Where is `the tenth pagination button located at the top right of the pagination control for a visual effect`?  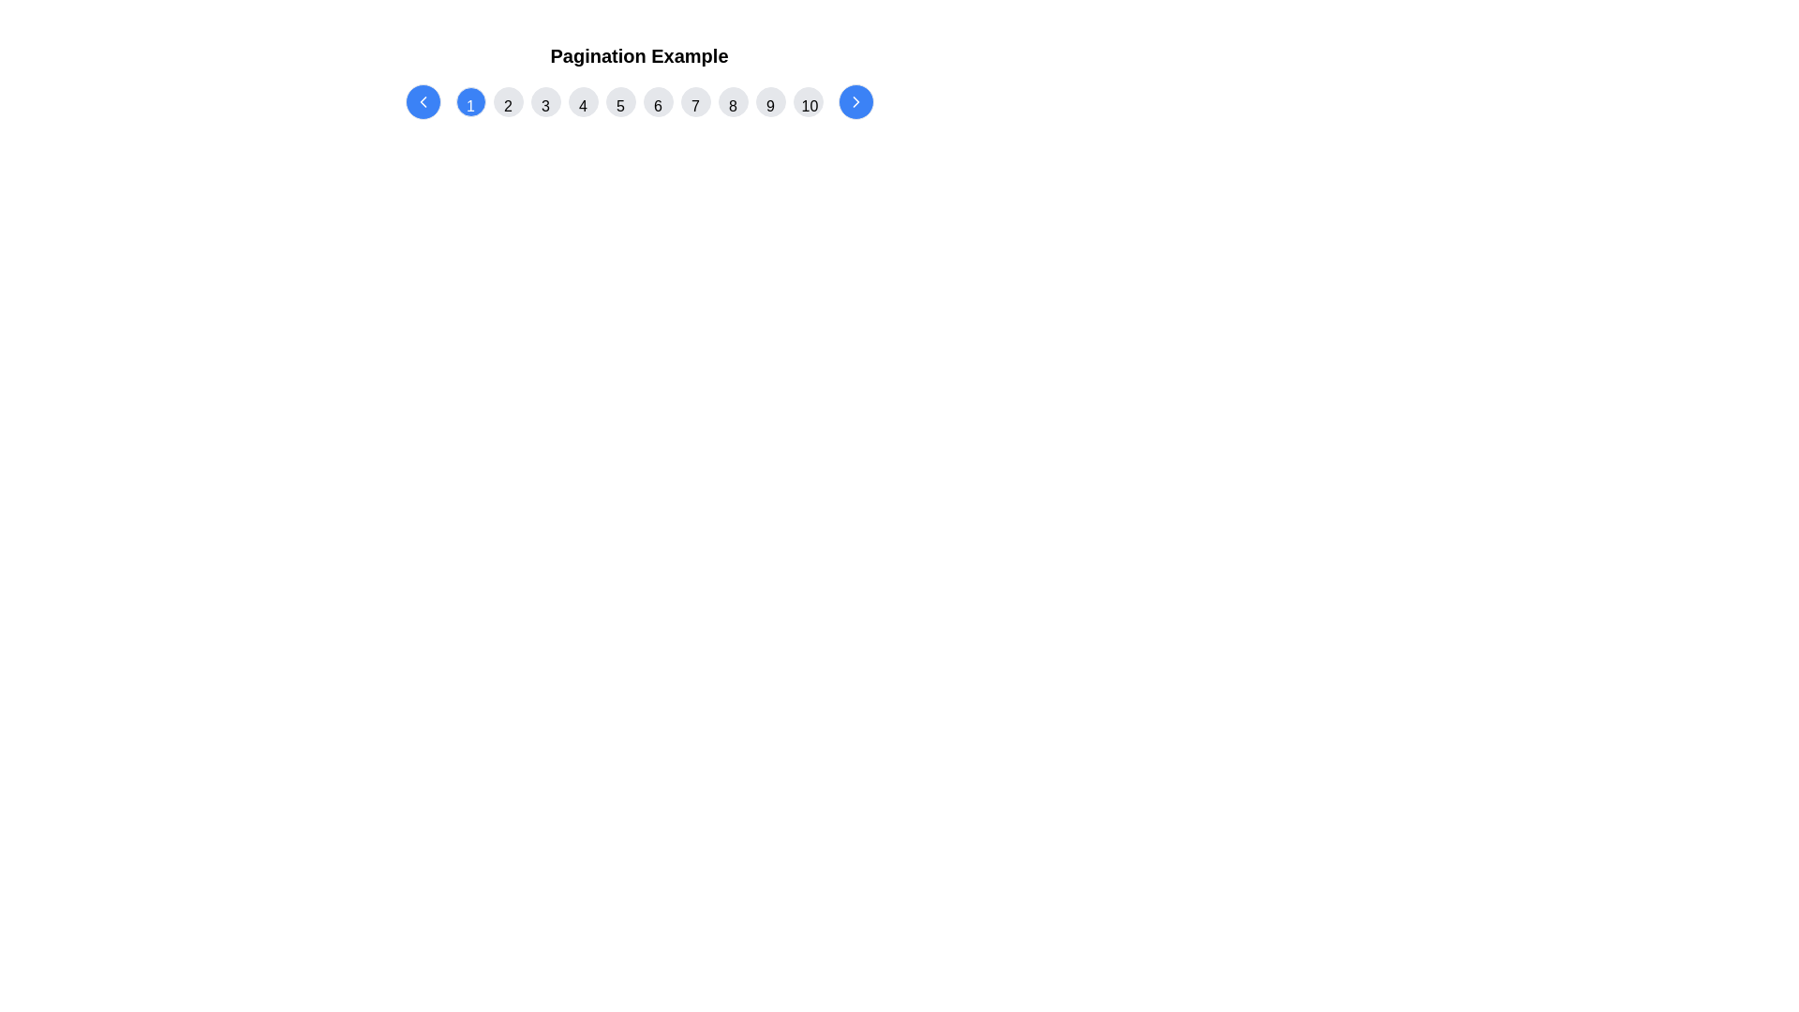
the tenth pagination button located at the top right of the pagination control for a visual effect is located at coordinates (808, 101).